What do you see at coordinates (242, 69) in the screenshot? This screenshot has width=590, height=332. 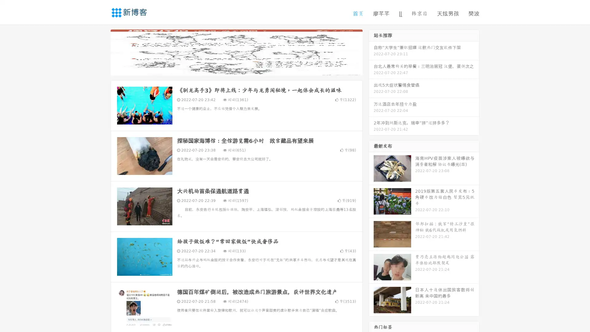 I see `Go to slide 3` at bounding box center [242, 69].